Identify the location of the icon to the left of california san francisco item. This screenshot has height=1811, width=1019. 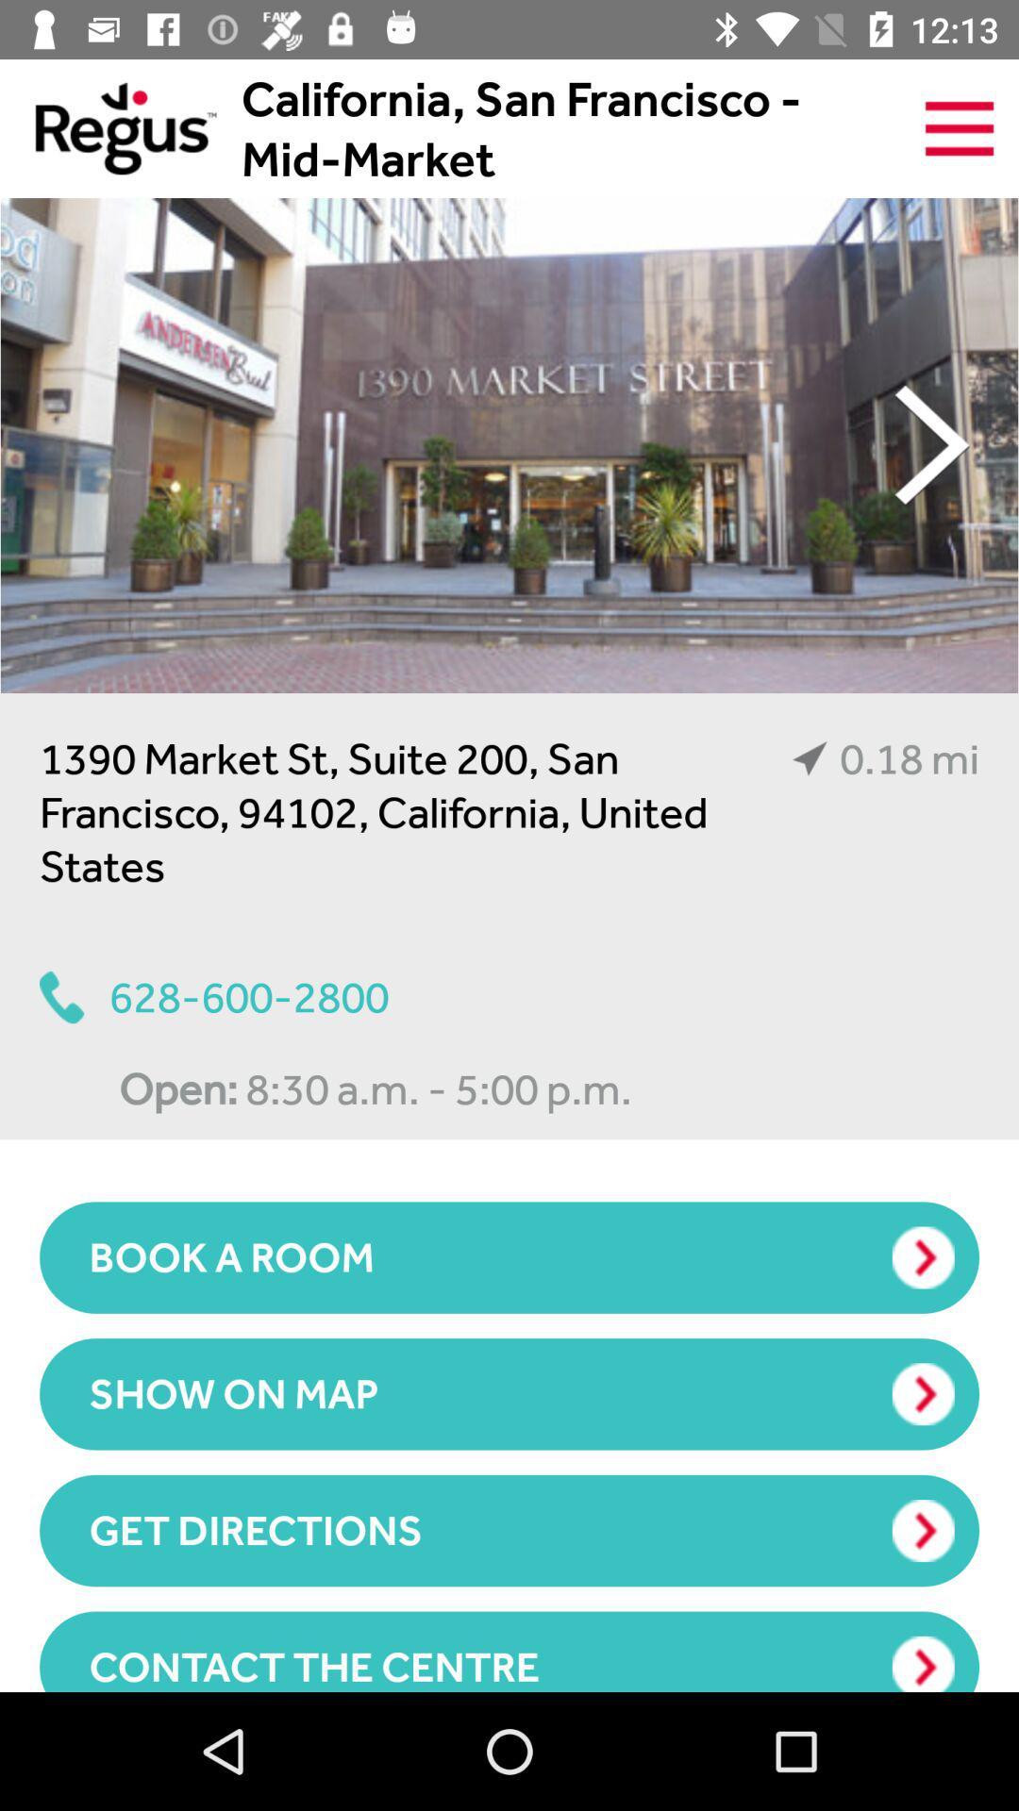
(108, 127).